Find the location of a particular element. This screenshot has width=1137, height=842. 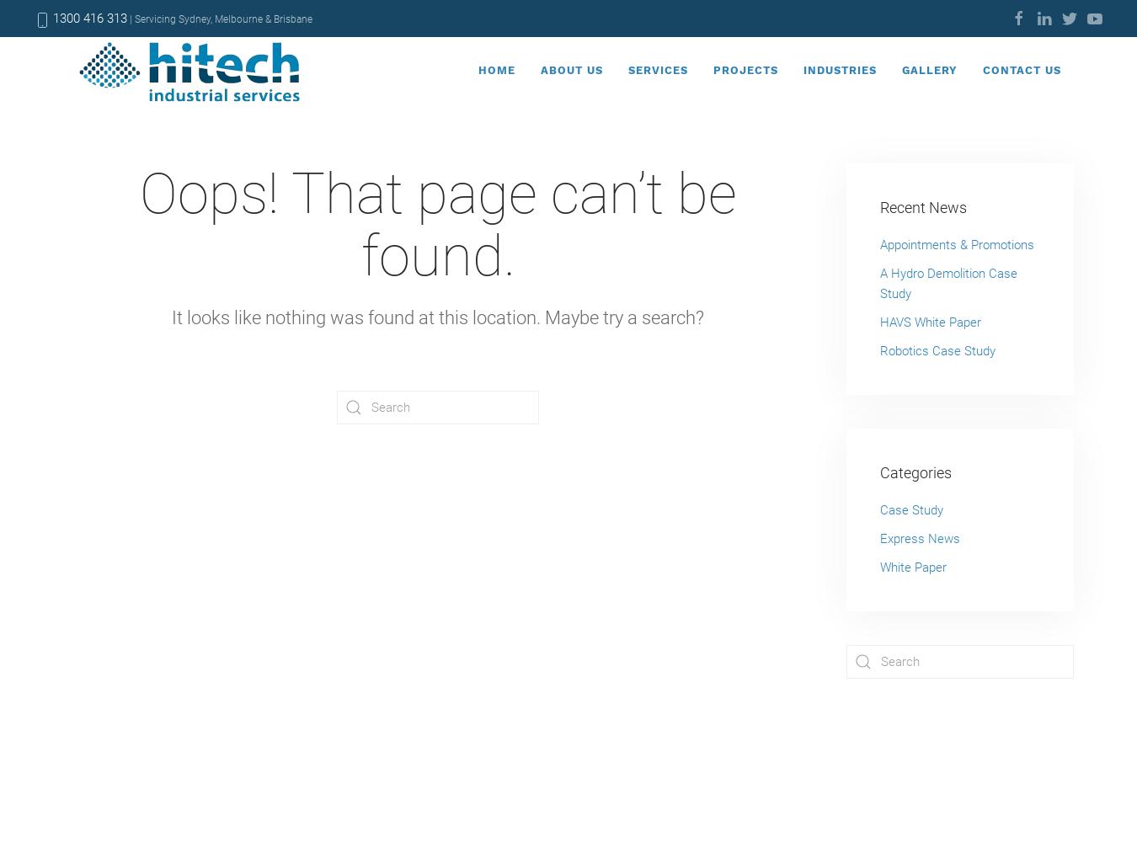

'Case Study' is located at coordinates (911, 509).